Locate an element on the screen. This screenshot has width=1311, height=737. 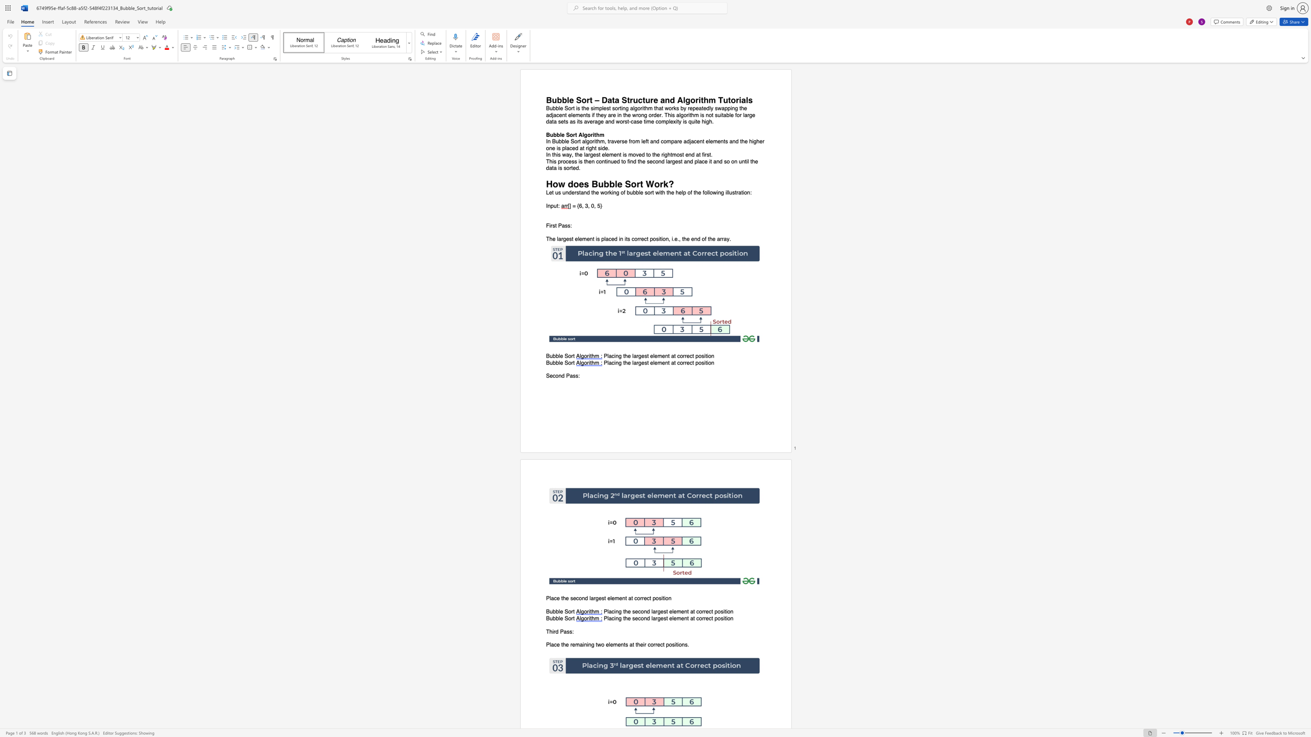
the 2th character "n" in the text is located at coordinates (654, 141).